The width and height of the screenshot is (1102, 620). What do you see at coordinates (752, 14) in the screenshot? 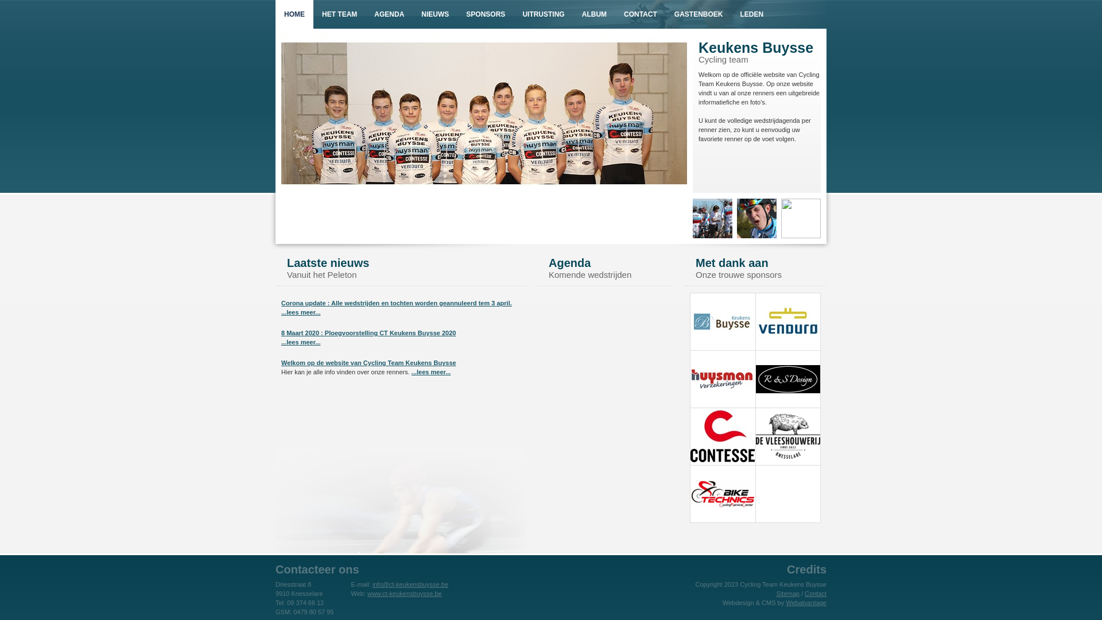
I see `'LEDEN'` at bounding box center [752, 14].